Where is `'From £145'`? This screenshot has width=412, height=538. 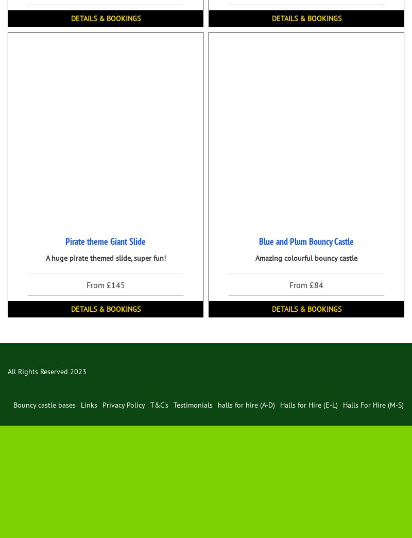
'From £145' is located at coordinates (105, 283).